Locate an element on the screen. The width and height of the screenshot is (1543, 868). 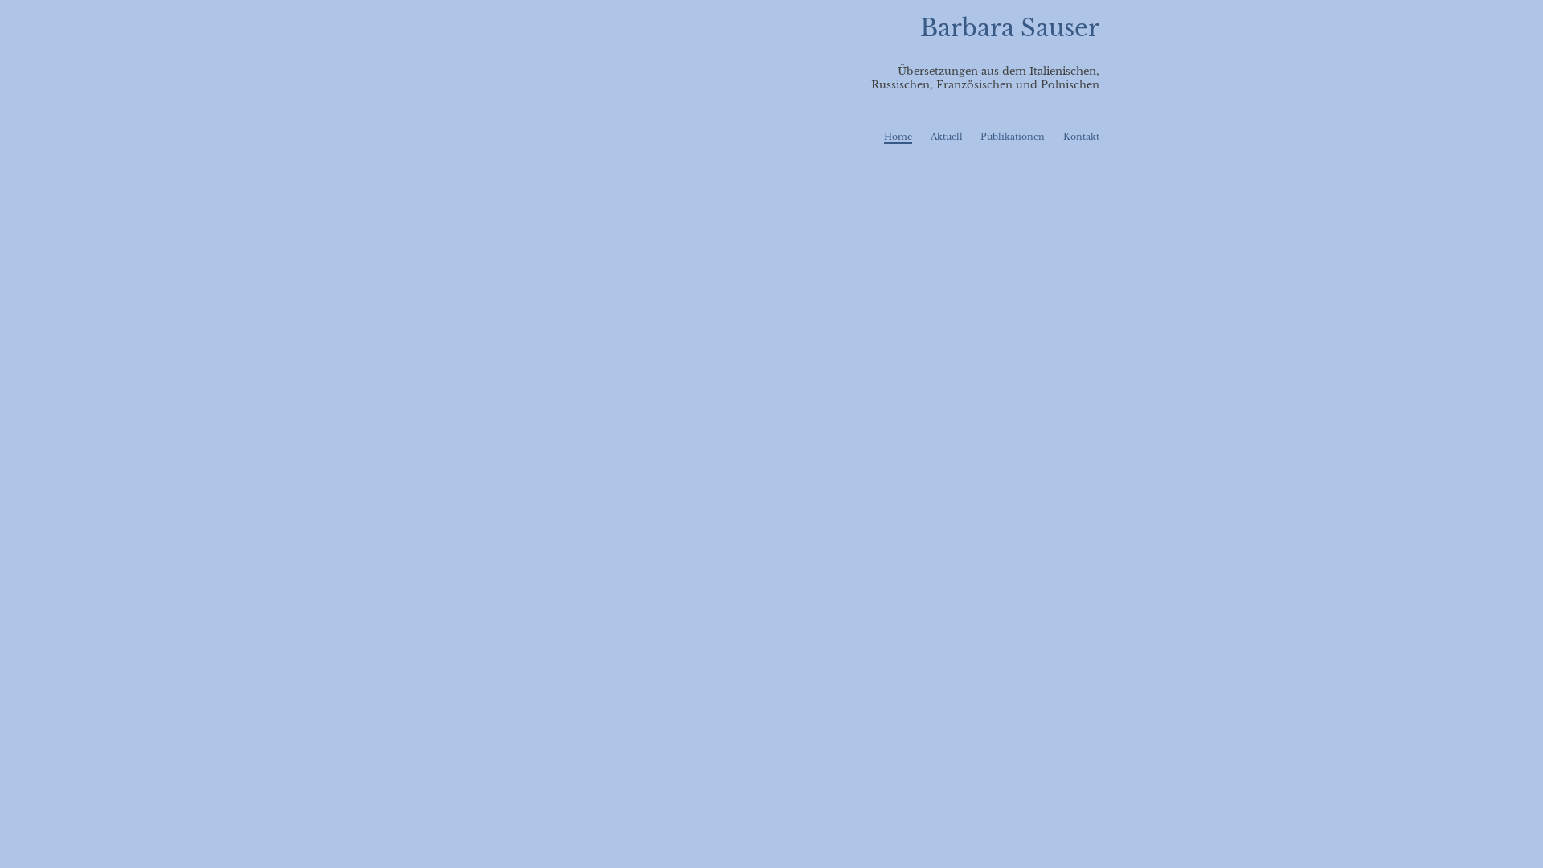
'Home' is located at coordinates (897, 136).